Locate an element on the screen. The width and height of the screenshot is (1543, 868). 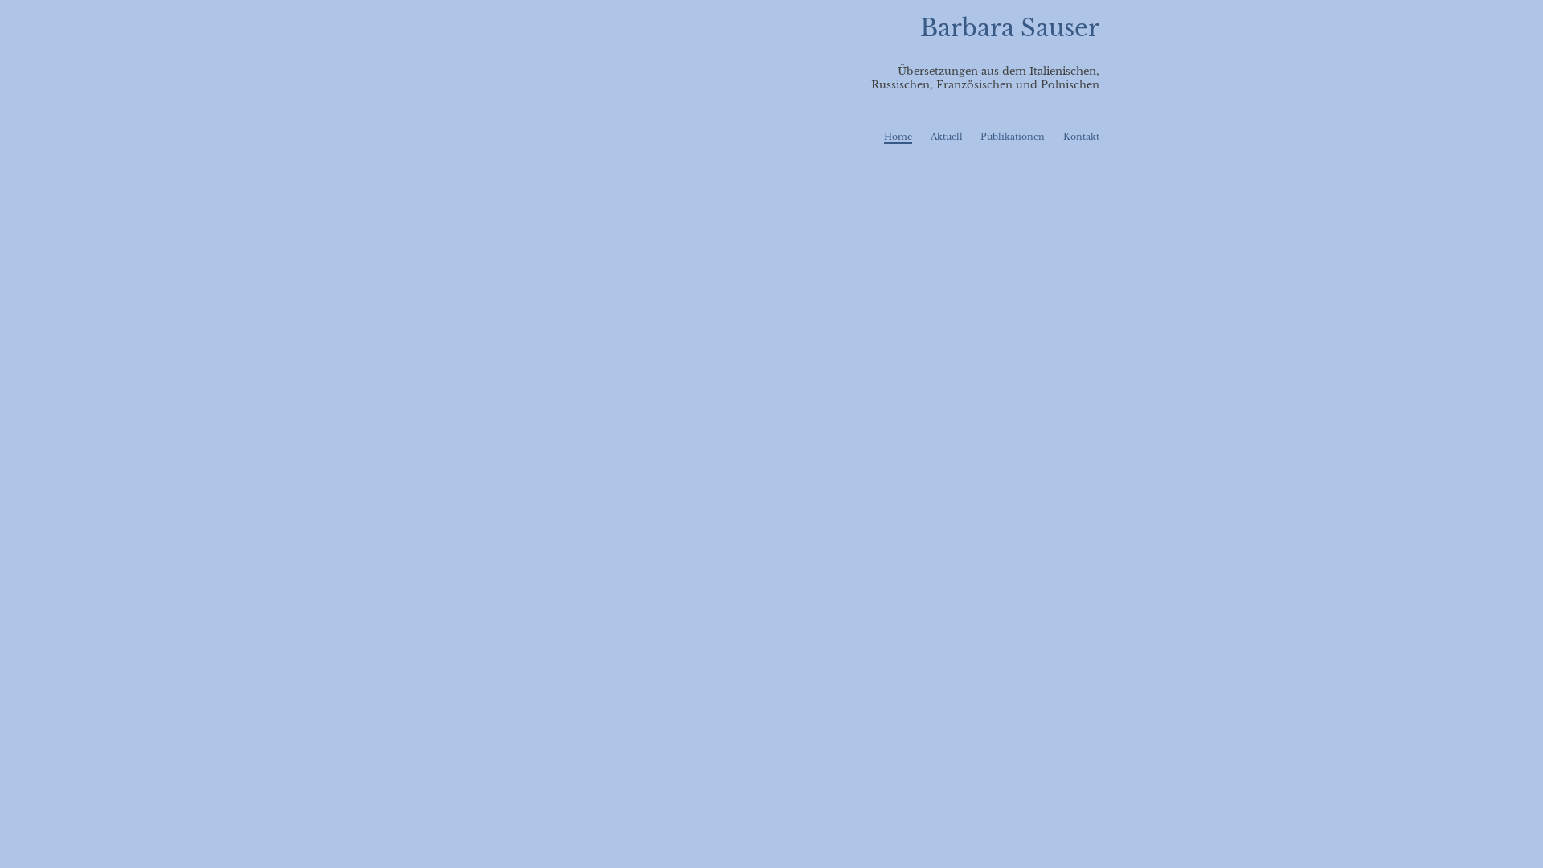
'Home' is located at coordinates (897, 136).